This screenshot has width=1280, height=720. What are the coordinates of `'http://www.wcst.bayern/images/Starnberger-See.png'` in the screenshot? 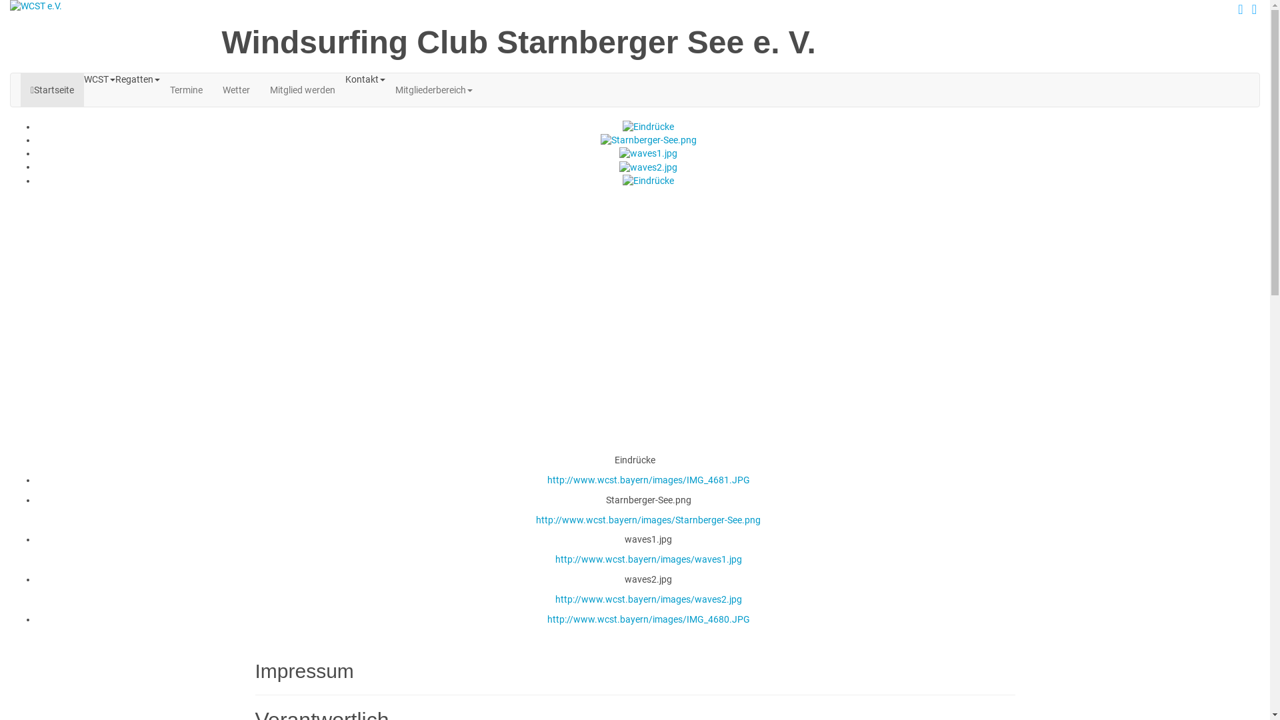 It's located at (648, 519).